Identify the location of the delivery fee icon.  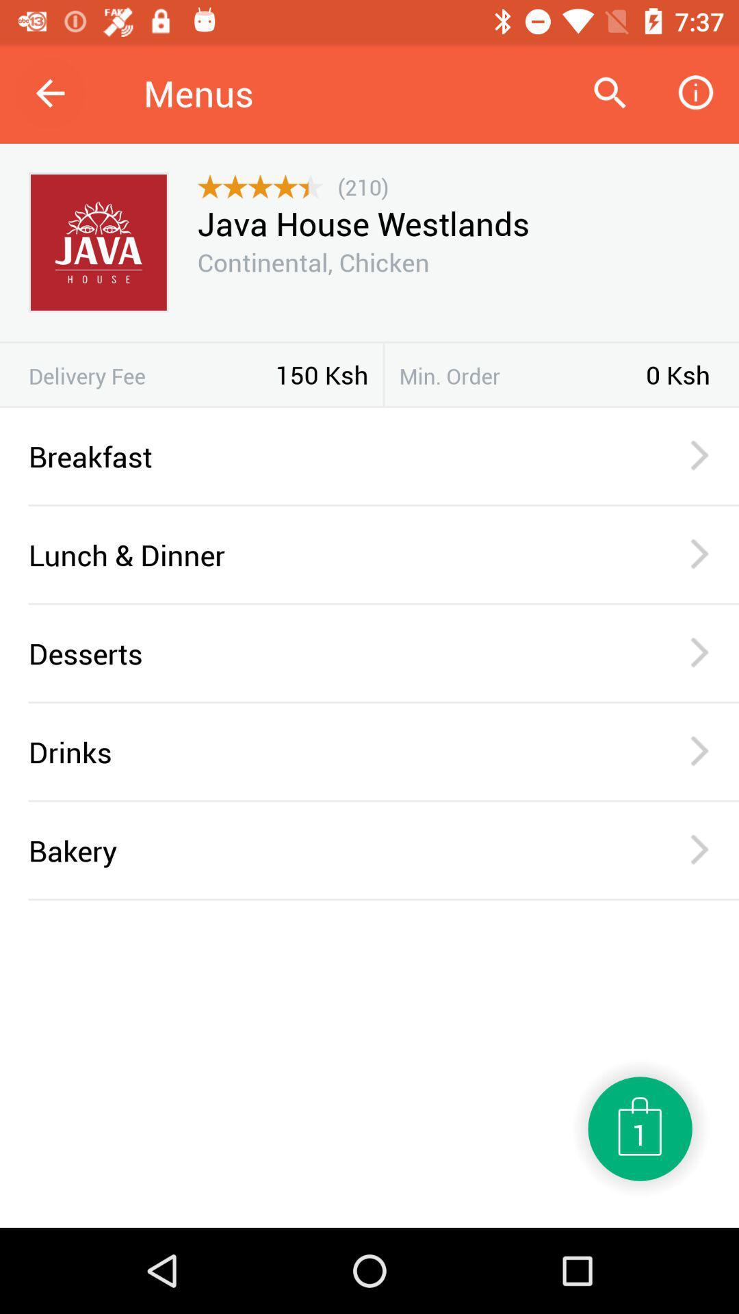
(152, 376).